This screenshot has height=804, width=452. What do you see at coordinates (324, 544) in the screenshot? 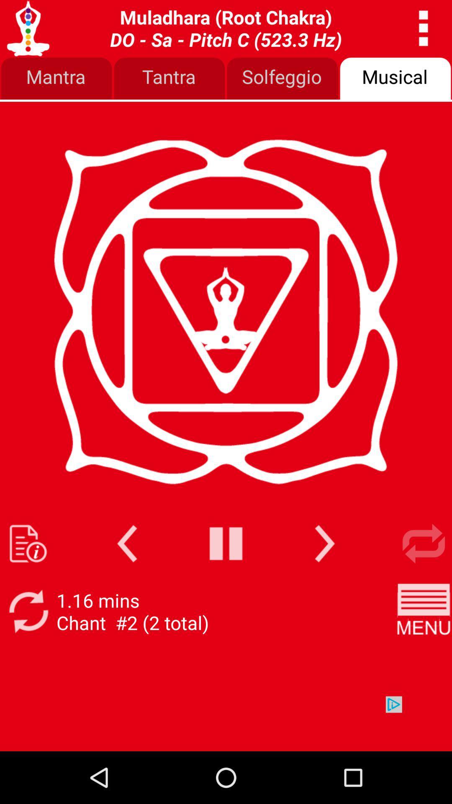
I see `skip audio` at bounding box center [324, 544].